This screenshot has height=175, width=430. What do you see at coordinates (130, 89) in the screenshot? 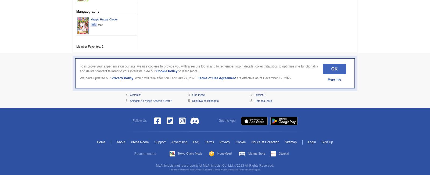
I see `'Steins;Gate'` at bounding box center [130, 89].